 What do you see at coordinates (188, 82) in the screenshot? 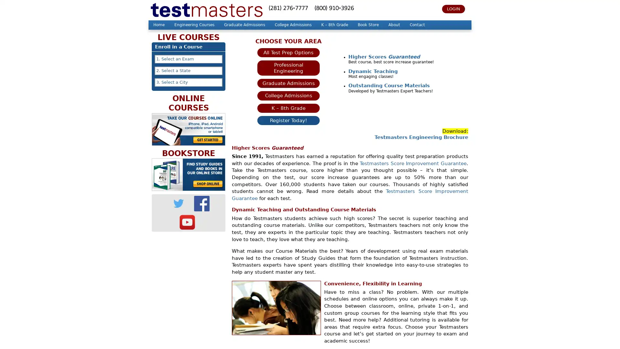
I see `3. Select a City` at bounding box center [188, 82].